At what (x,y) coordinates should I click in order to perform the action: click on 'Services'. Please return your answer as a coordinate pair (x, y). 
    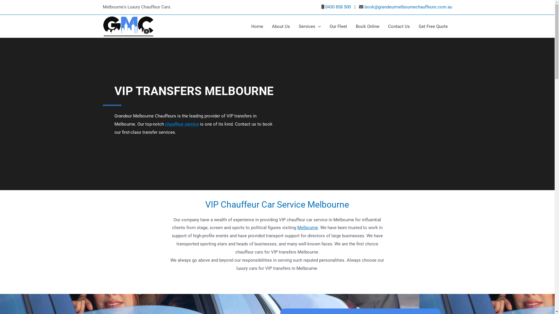
    Looking at the image, I should click on (294, 26).